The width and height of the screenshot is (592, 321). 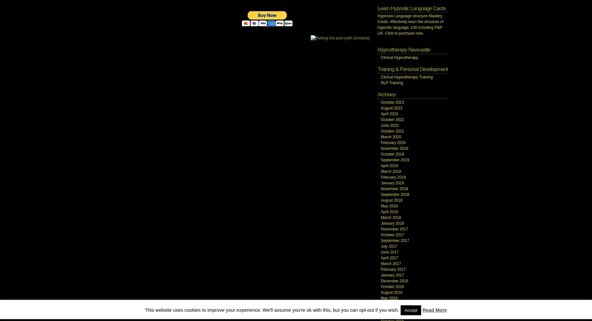 I want to click on 'Hypnotherapy Newcastle', so click(x=377, y=49).